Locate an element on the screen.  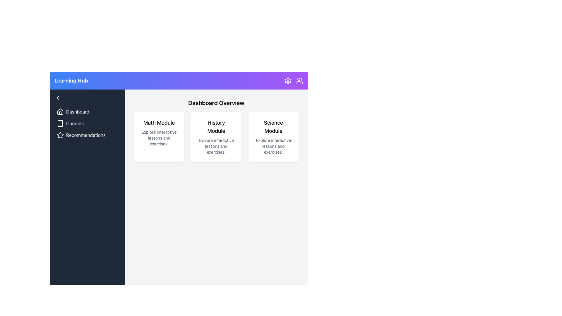
the 'Courses' button in the left sidebar navigation menu is located at coordinates (87, 123).